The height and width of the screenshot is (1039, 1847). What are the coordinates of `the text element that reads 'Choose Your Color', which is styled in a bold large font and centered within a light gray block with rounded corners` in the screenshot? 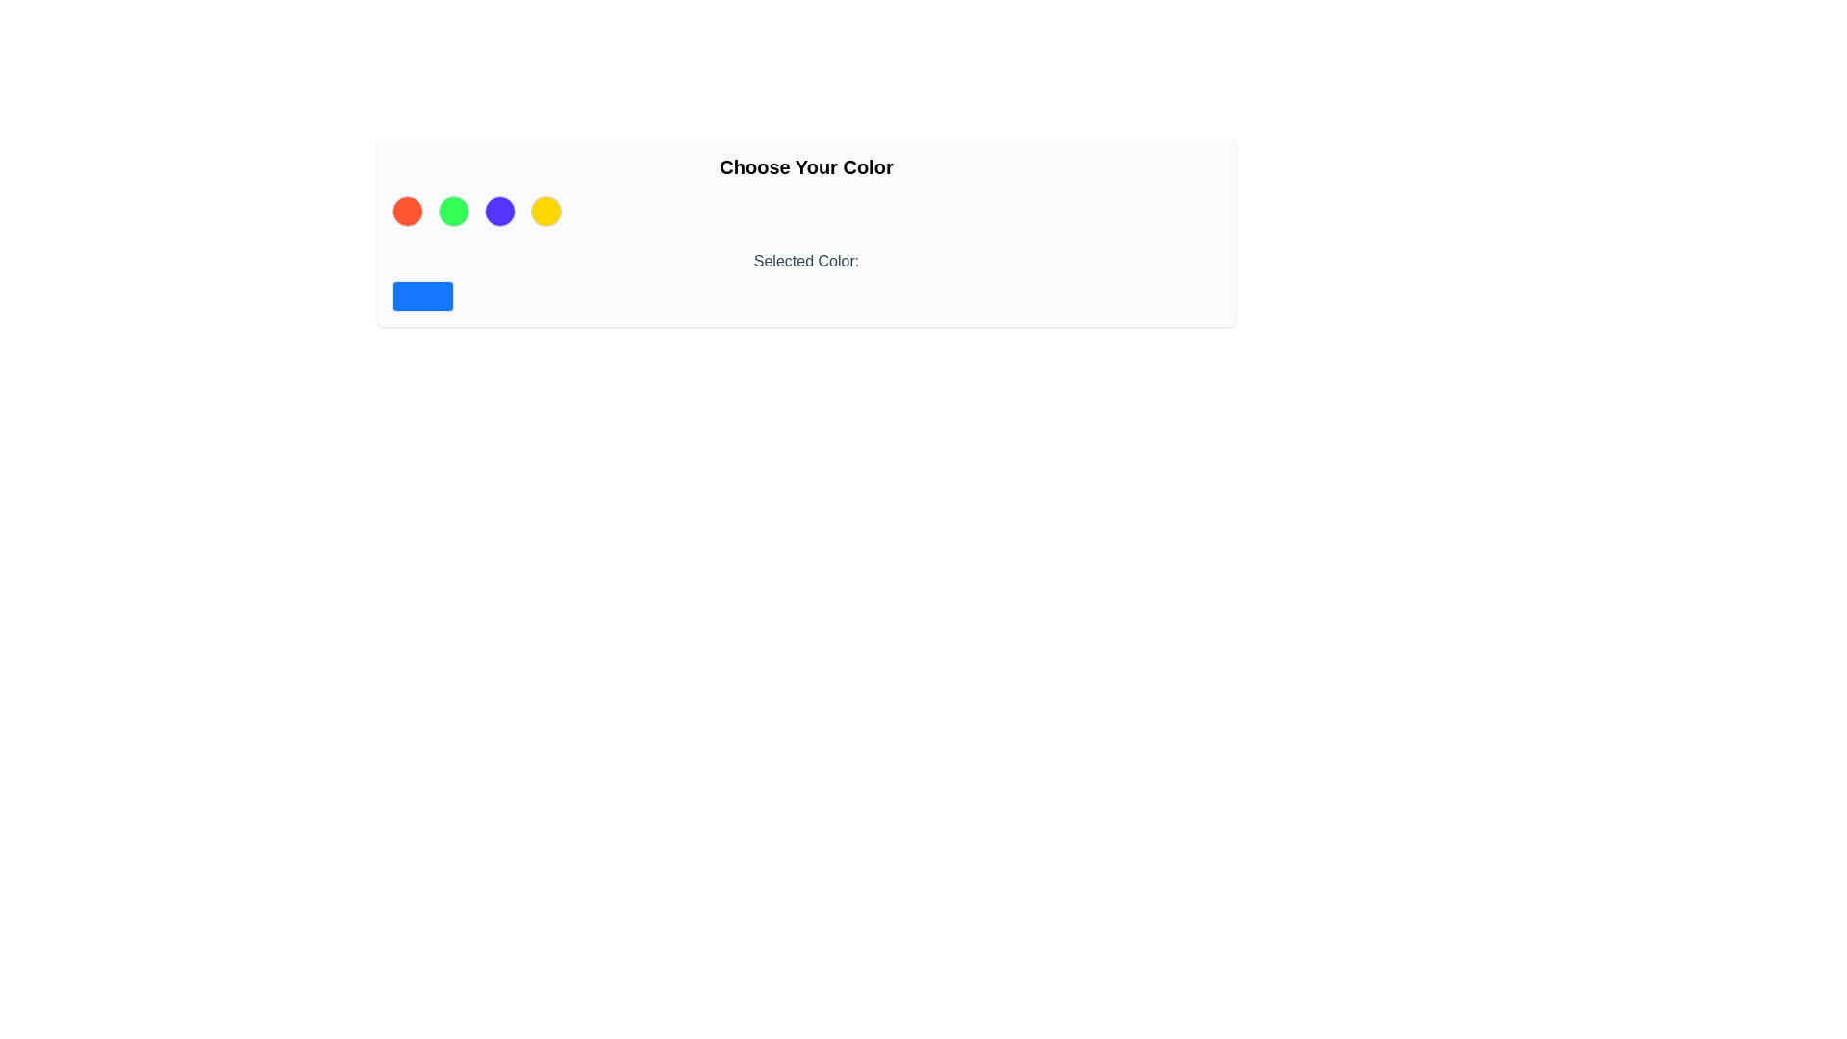 It's located at (806, 165).